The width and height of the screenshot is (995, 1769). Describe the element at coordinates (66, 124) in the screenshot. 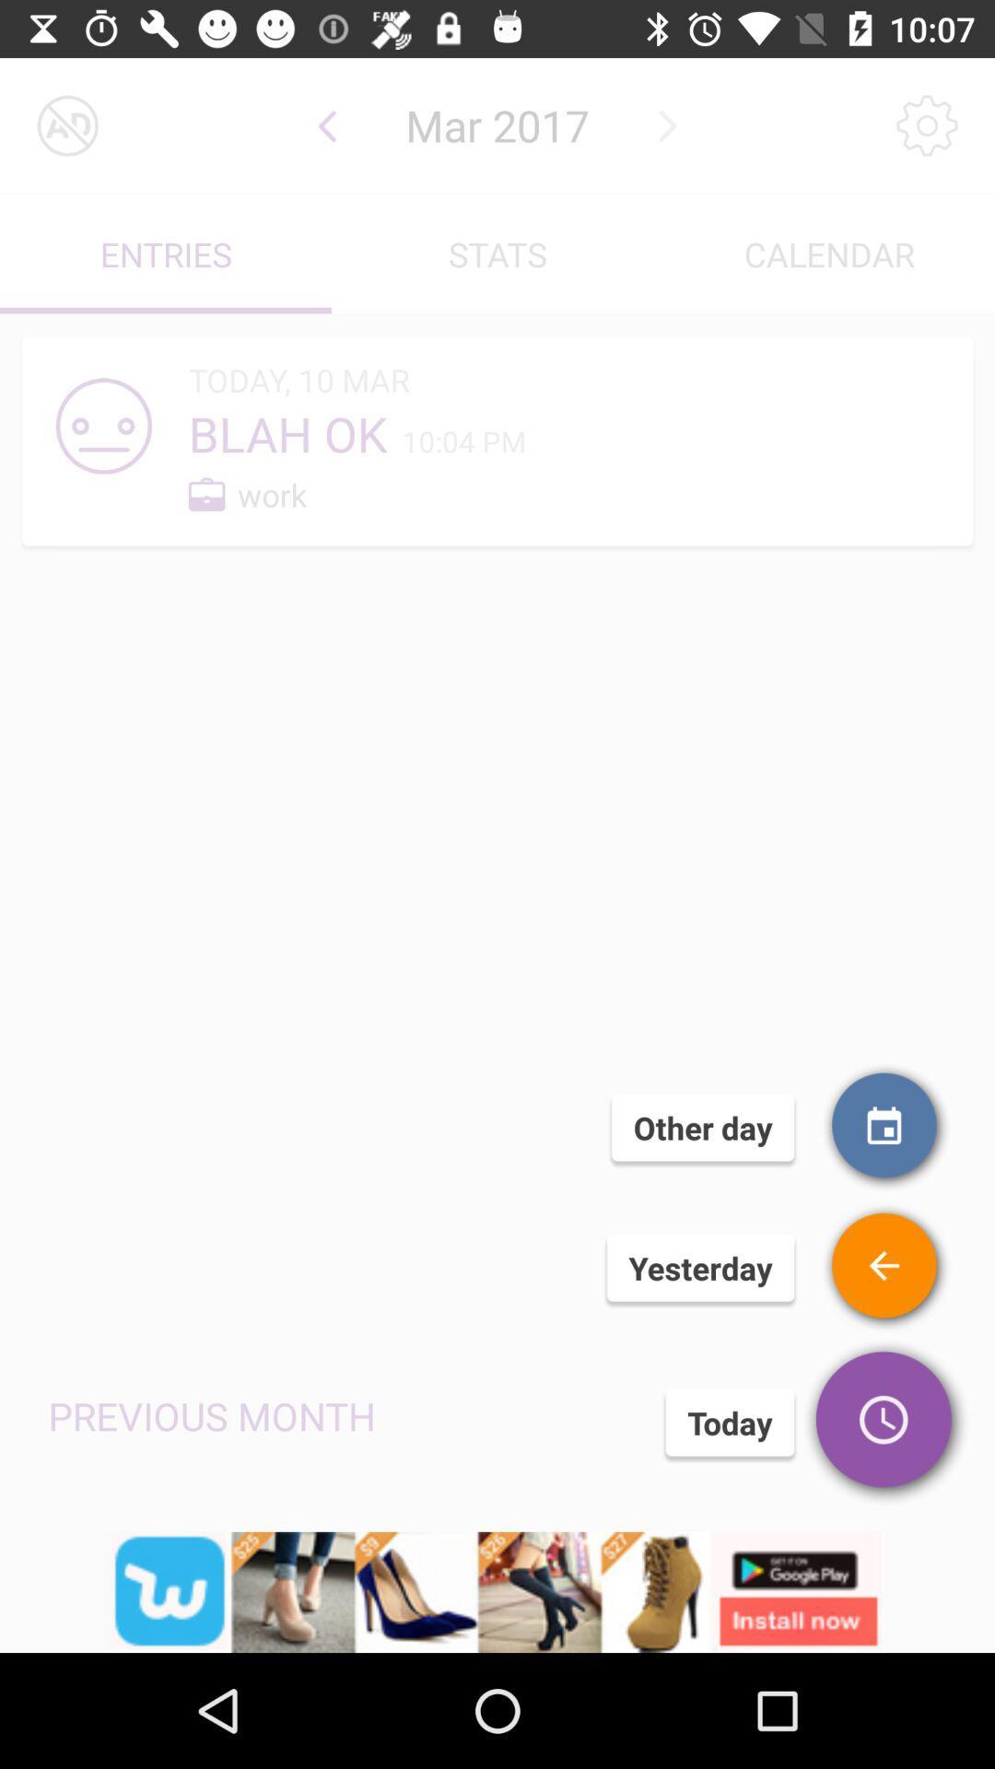

I see `option` at that location.